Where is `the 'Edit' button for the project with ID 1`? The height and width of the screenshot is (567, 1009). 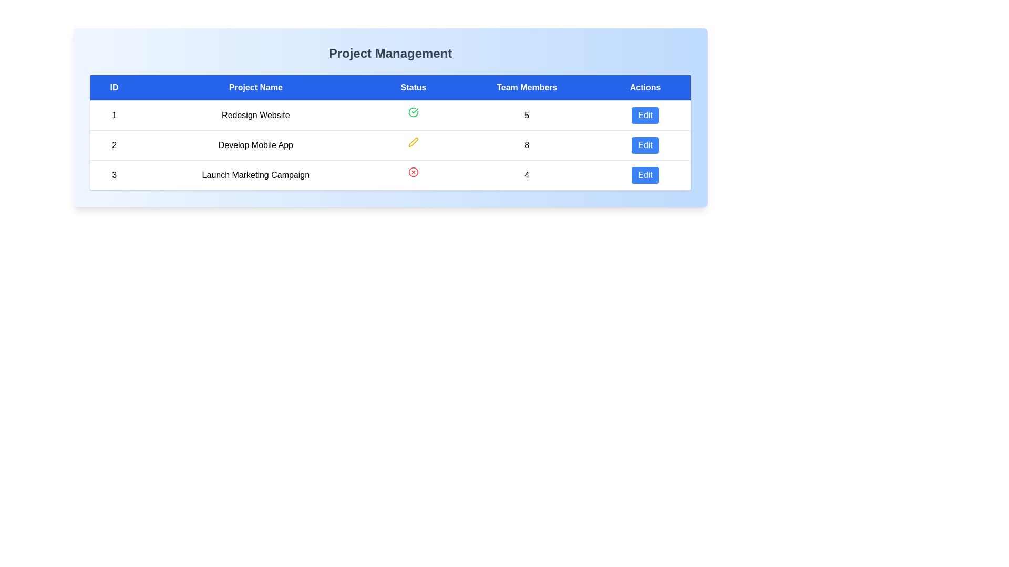
the 'Edit' button for the project with ID 1 is located at coordinates (645, 115).